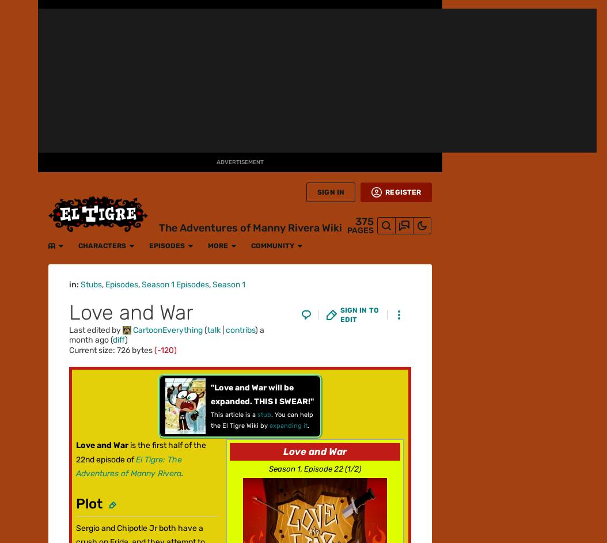 The height and width of the screenshot is (543, 607). Describe the element at coordinates (93, 12) in the screenshot. I see `'Characters'` at that location.